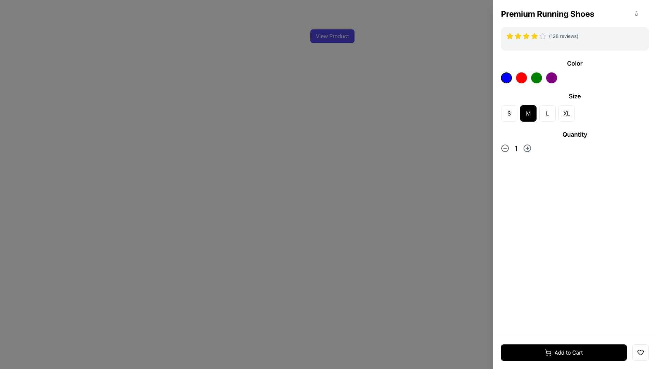 Image resolution: width=657 pixels, height=369 pixels. What do you see at coordinates (521, 77) in the screenshot?
I see `the second circular color selector button labeled 'Color'` at bounding box center [521, 77].